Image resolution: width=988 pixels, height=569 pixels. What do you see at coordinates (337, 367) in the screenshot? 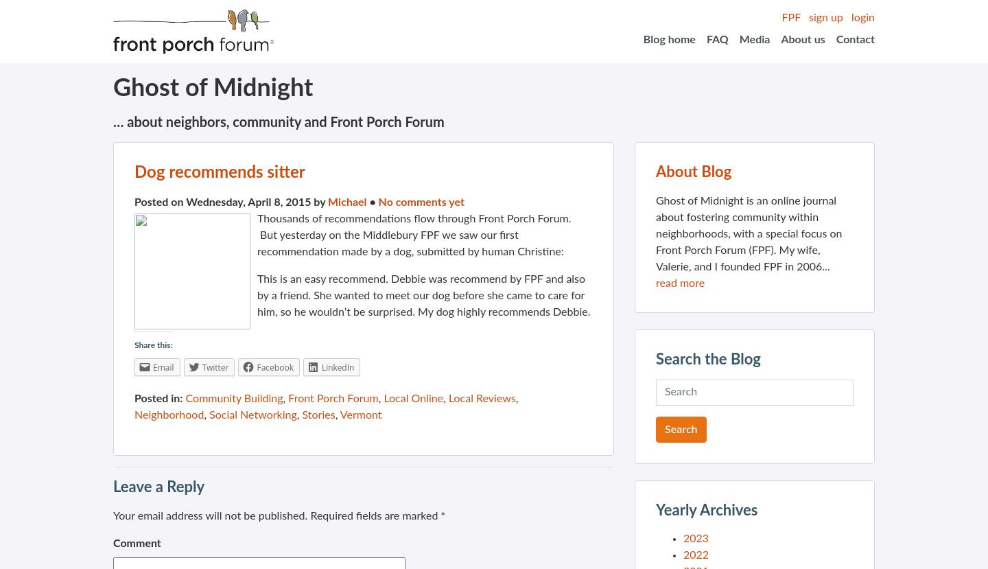
I see `'LinkedIn'` at bounding box center [337, 367].